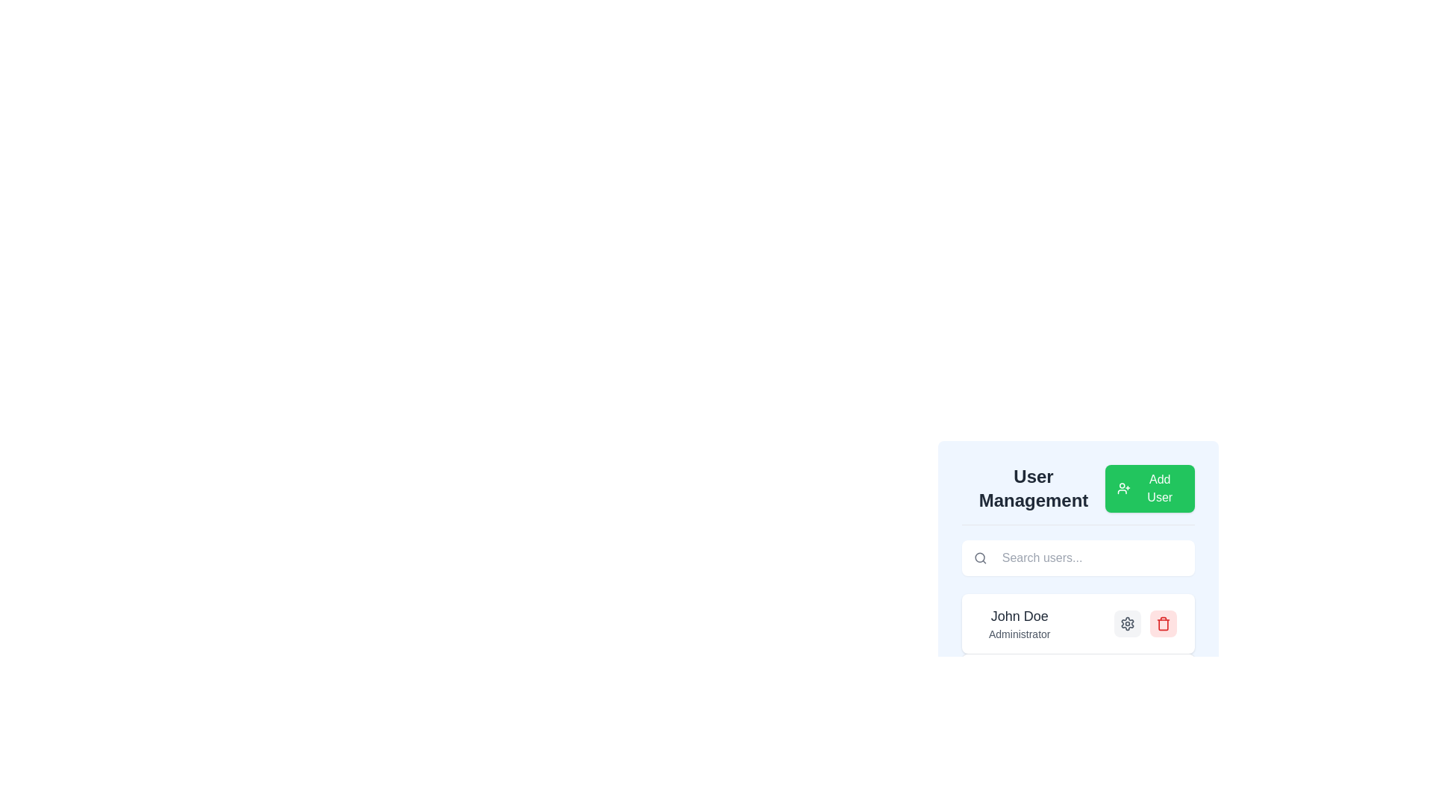 The image size is (1433, 806). What do you see at coordinates (1163, 625) in the screenshot?
I see `the red trash bin icon, which is a vector graphic representing the main body of the bin located below the lid` at bounding box center [1163, 625].